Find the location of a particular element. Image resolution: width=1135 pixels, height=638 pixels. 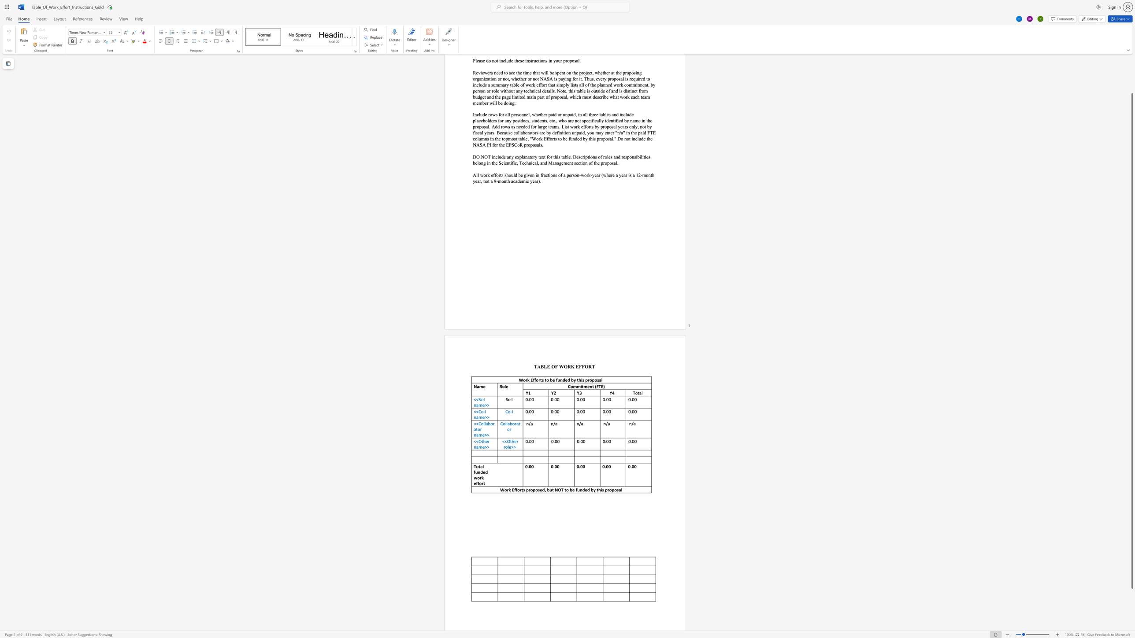

the scrollbar to move the page upward is located at coordinates (1131, 82).